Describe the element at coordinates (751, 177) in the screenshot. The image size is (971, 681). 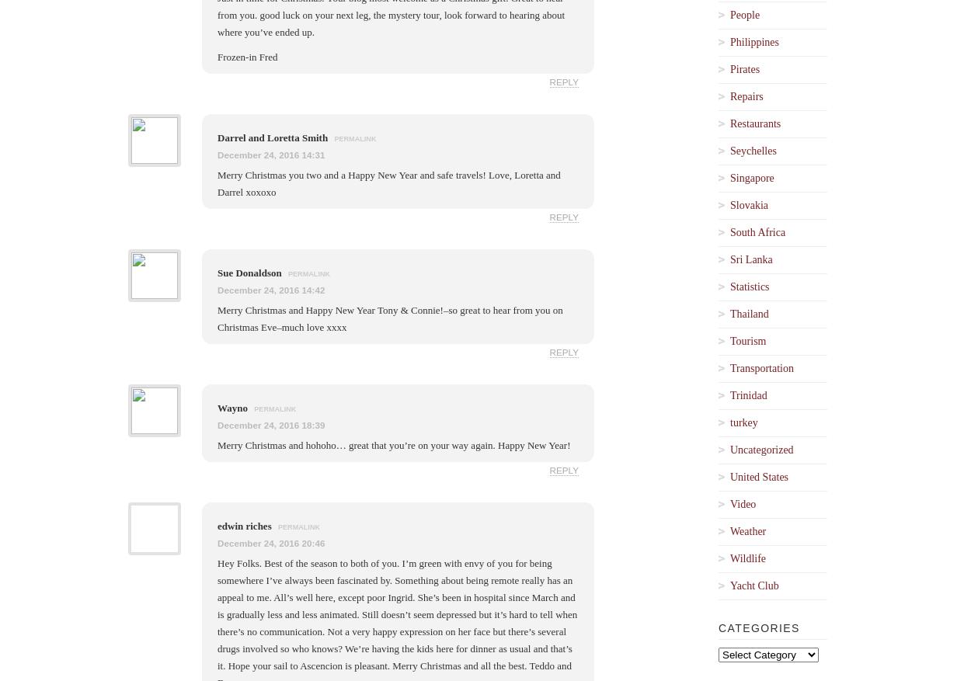
I see `'Singapore'` at that location.